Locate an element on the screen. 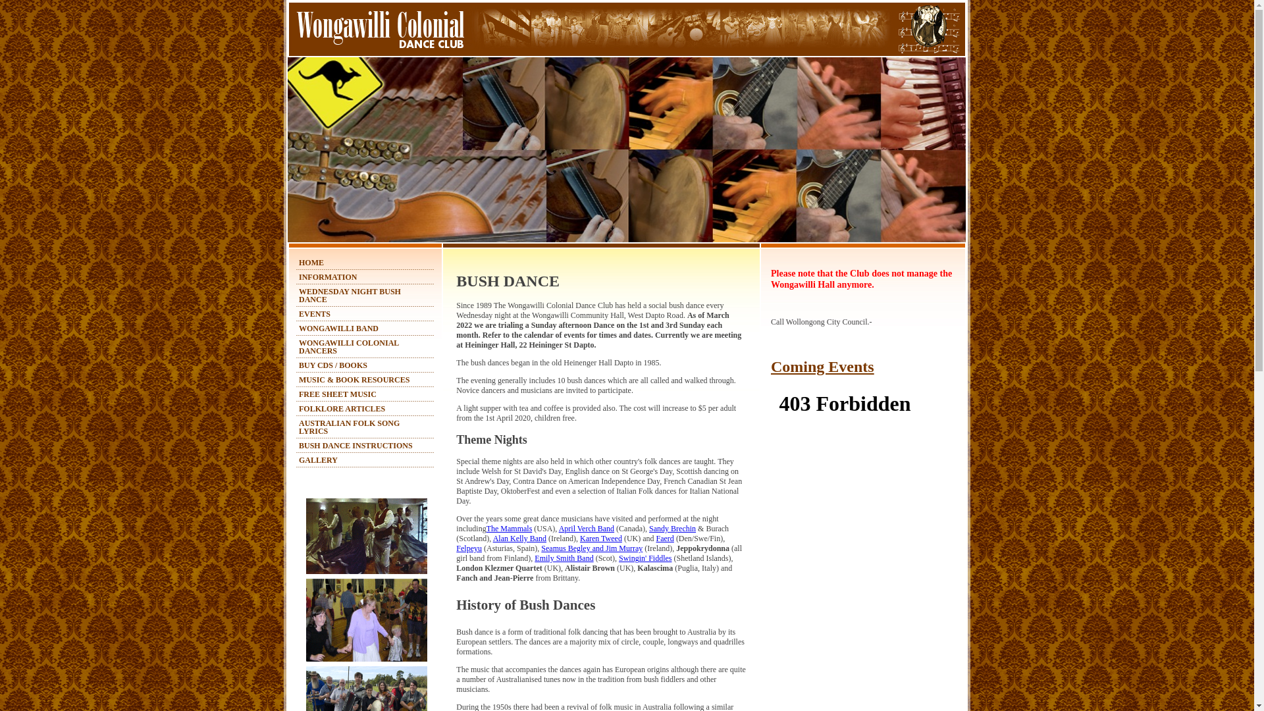 The height and width of the screenshot is (711, 1264). 'WEDNESDAY NIGHT BUSH DANCE' is located at coordinates (350, 294).